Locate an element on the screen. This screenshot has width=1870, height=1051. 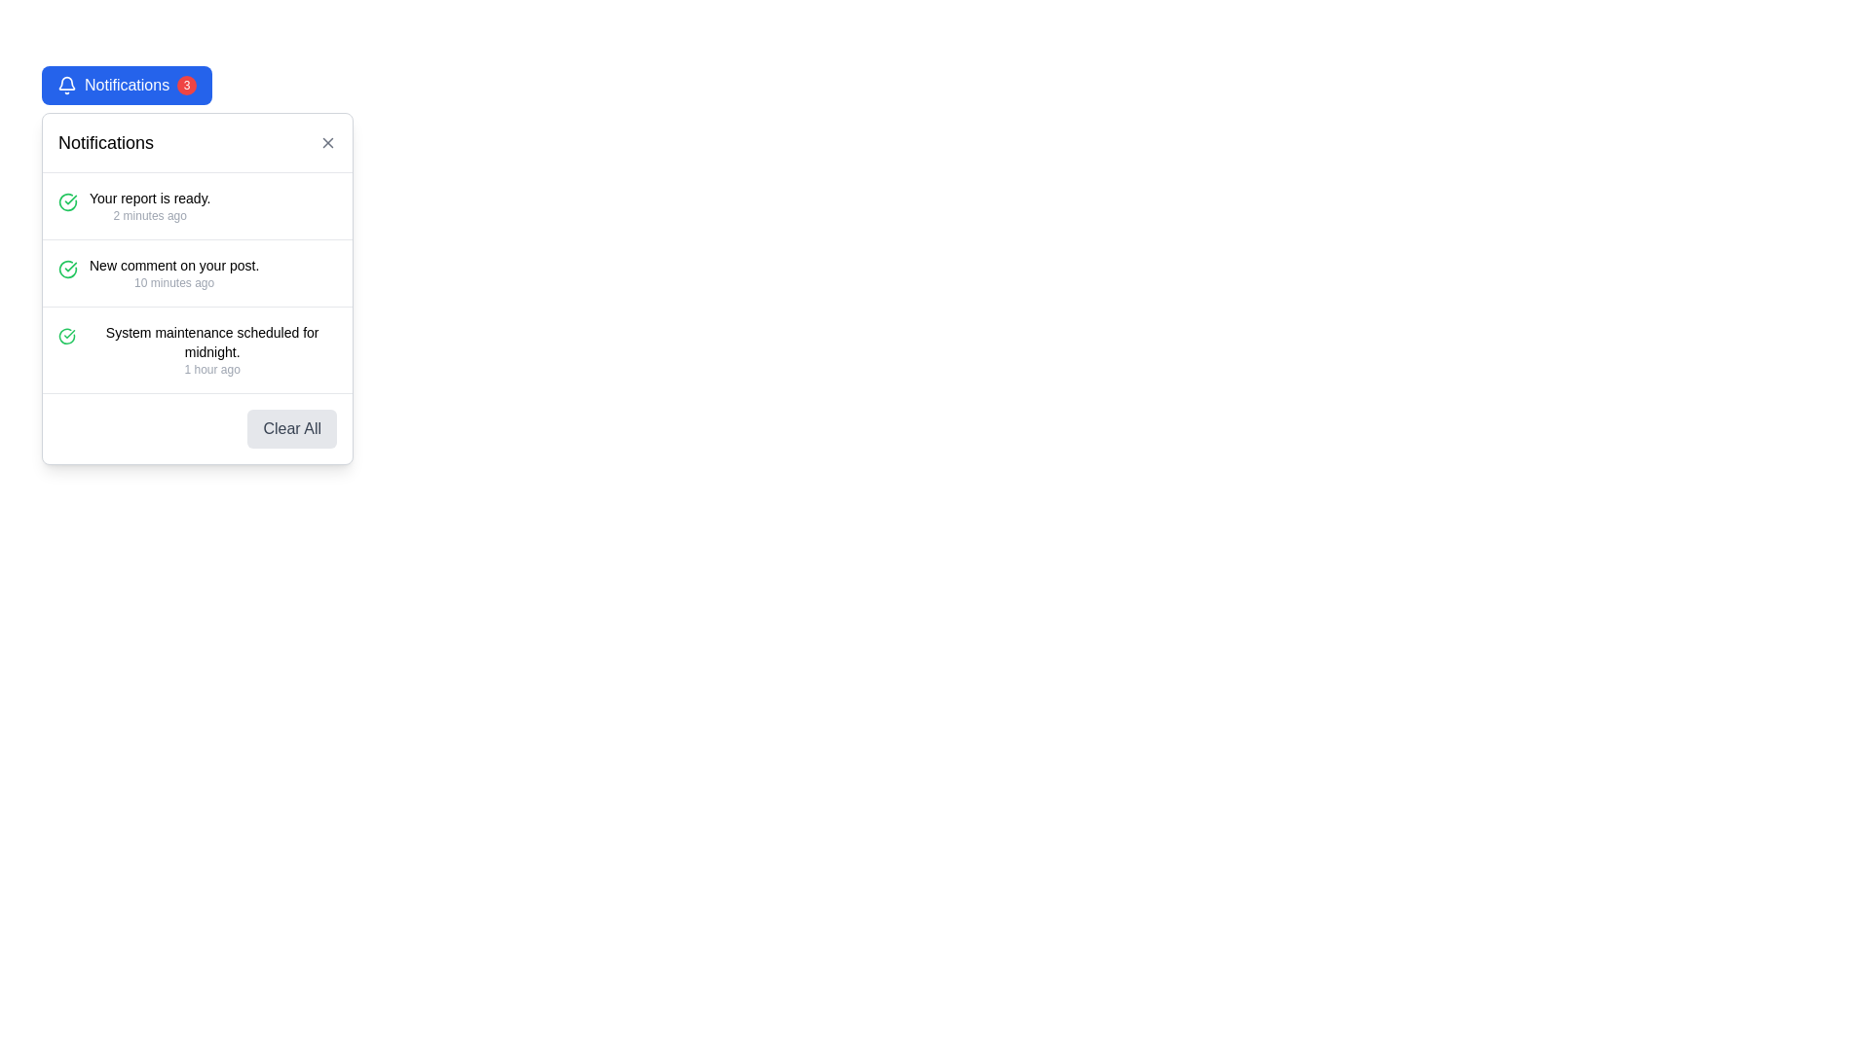
the third notification item in the vertically stacked notification list to associate the timestamp with the notification is located at coordinates (212, 348).